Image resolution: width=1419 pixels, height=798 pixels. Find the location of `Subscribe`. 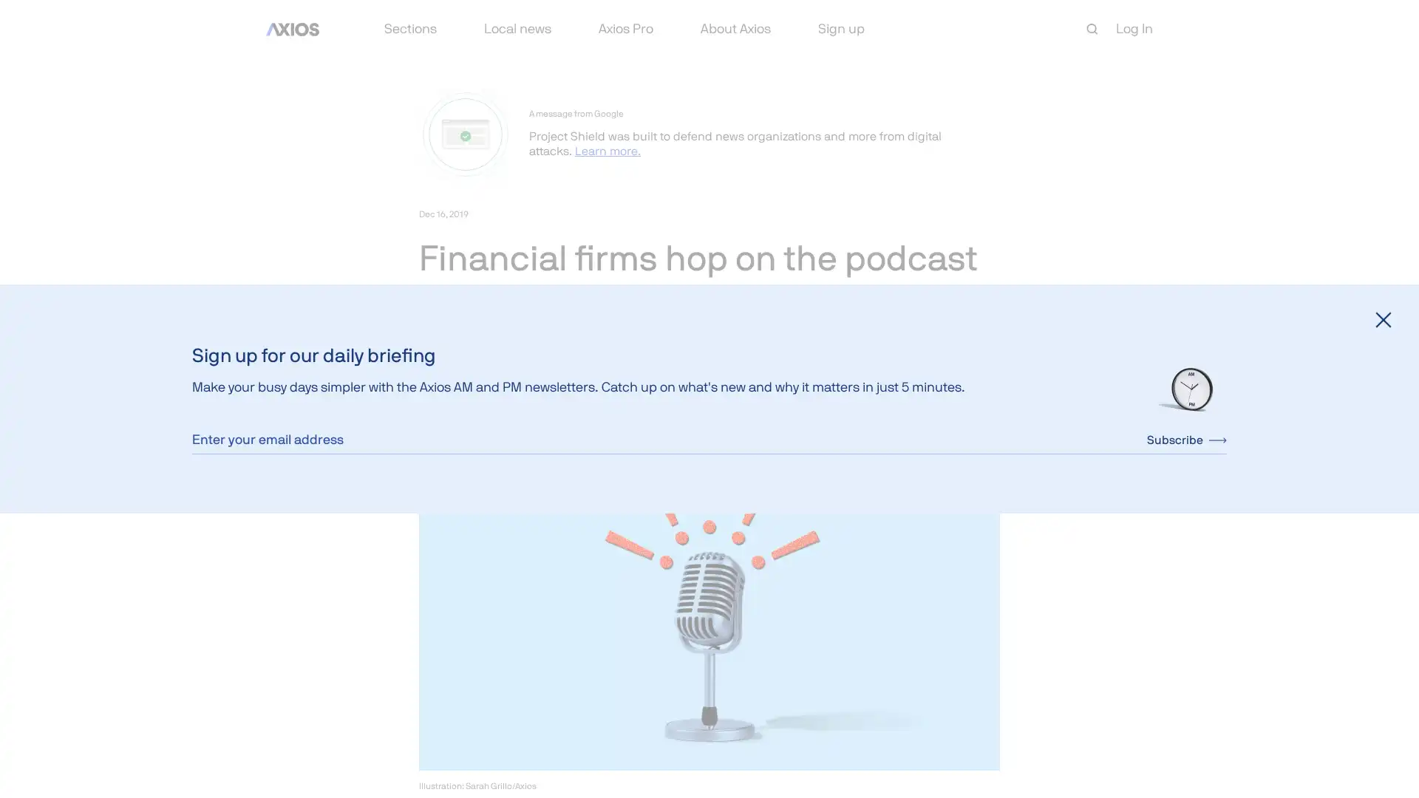

Subscribe is located at coordinates (1187, 438).